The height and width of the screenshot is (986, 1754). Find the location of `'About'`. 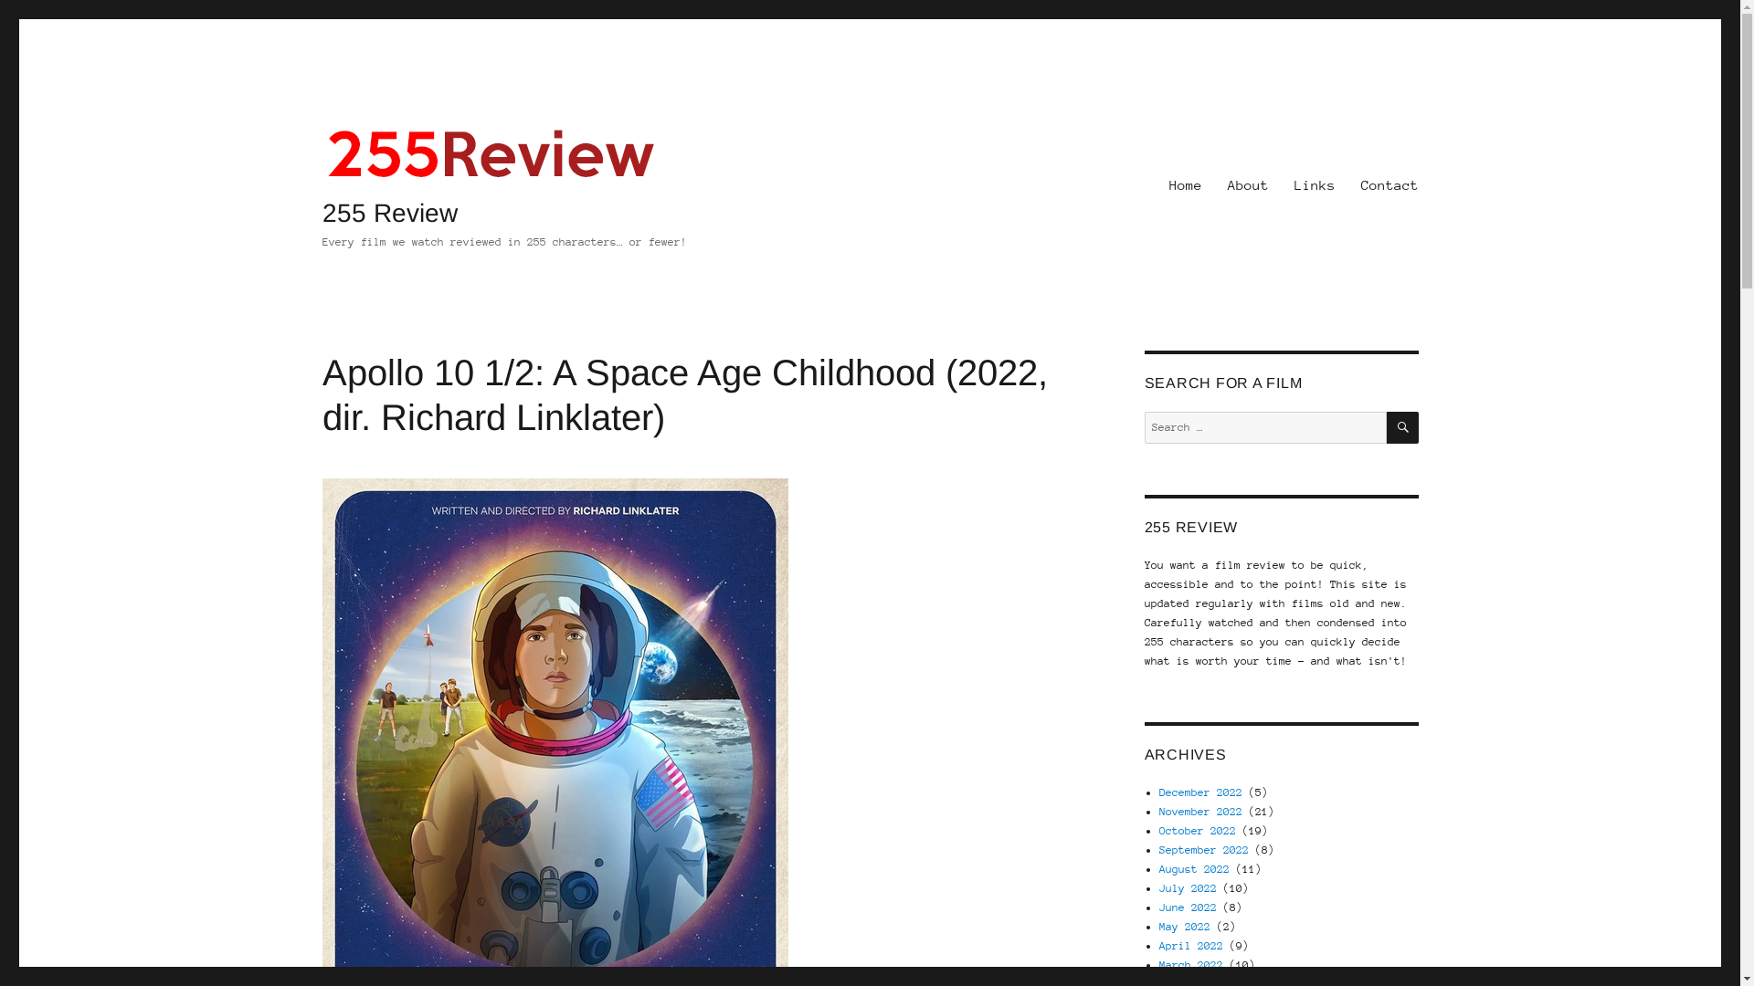

'About' is located at coordinates (1247, 185).